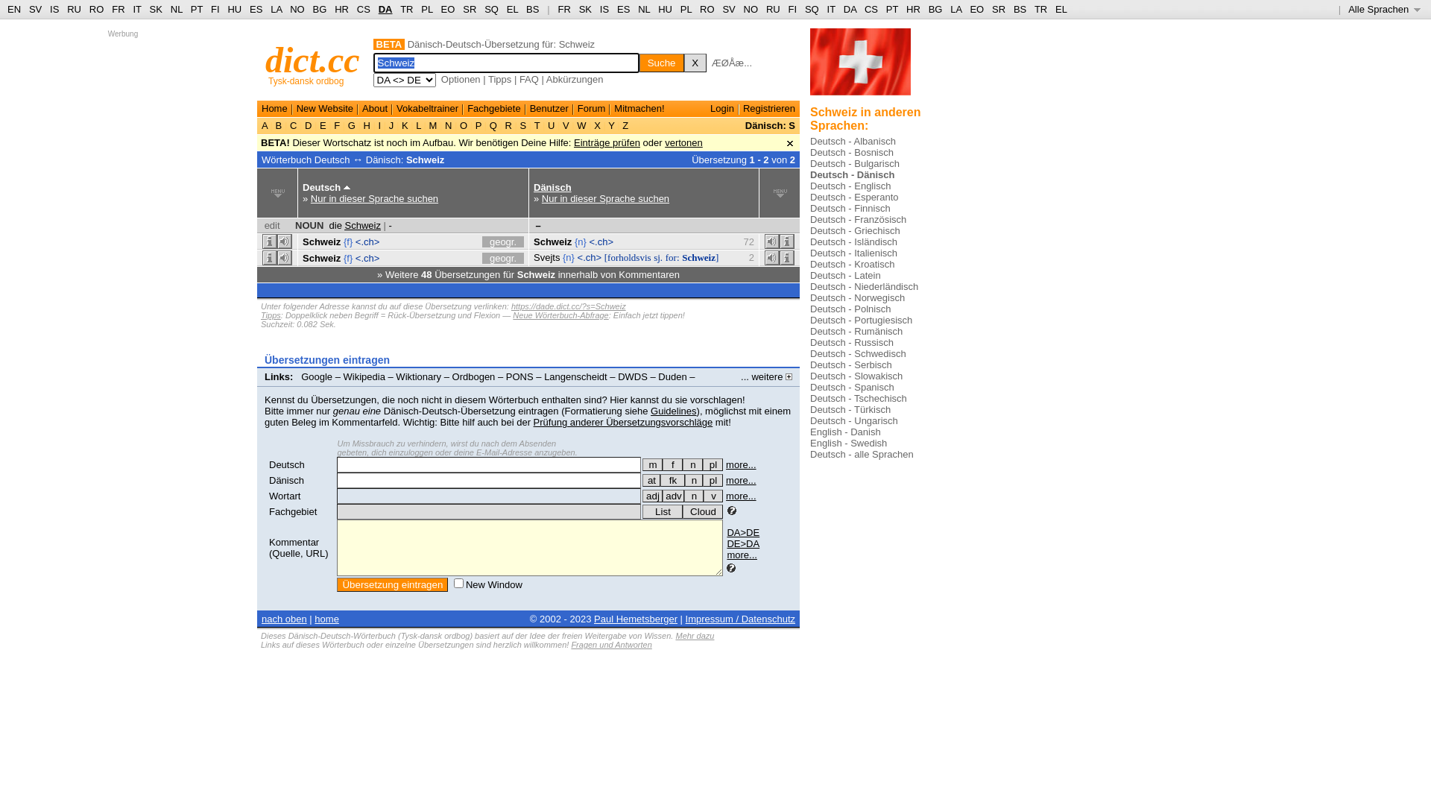 Image resolution: width=1431 pixels, height=805 pixels. What do you see at coordinates (414, 124) in the screenshot?
I see `'L'` at bounding box center [414, 124].